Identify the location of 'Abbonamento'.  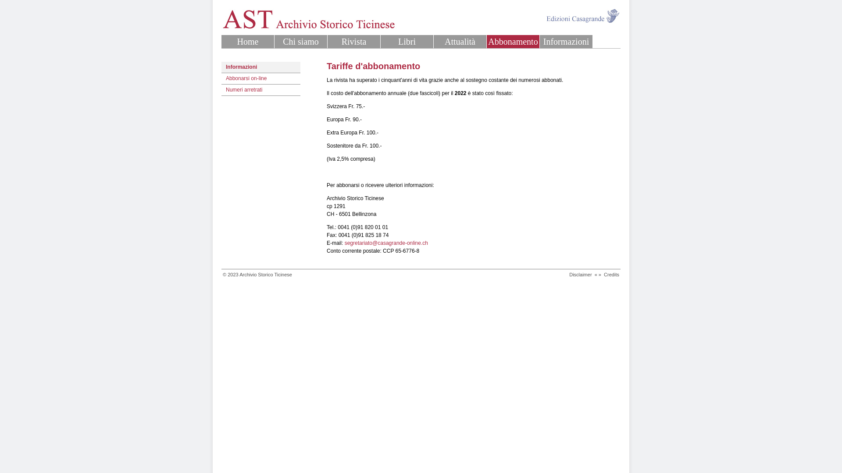
(513, 42).